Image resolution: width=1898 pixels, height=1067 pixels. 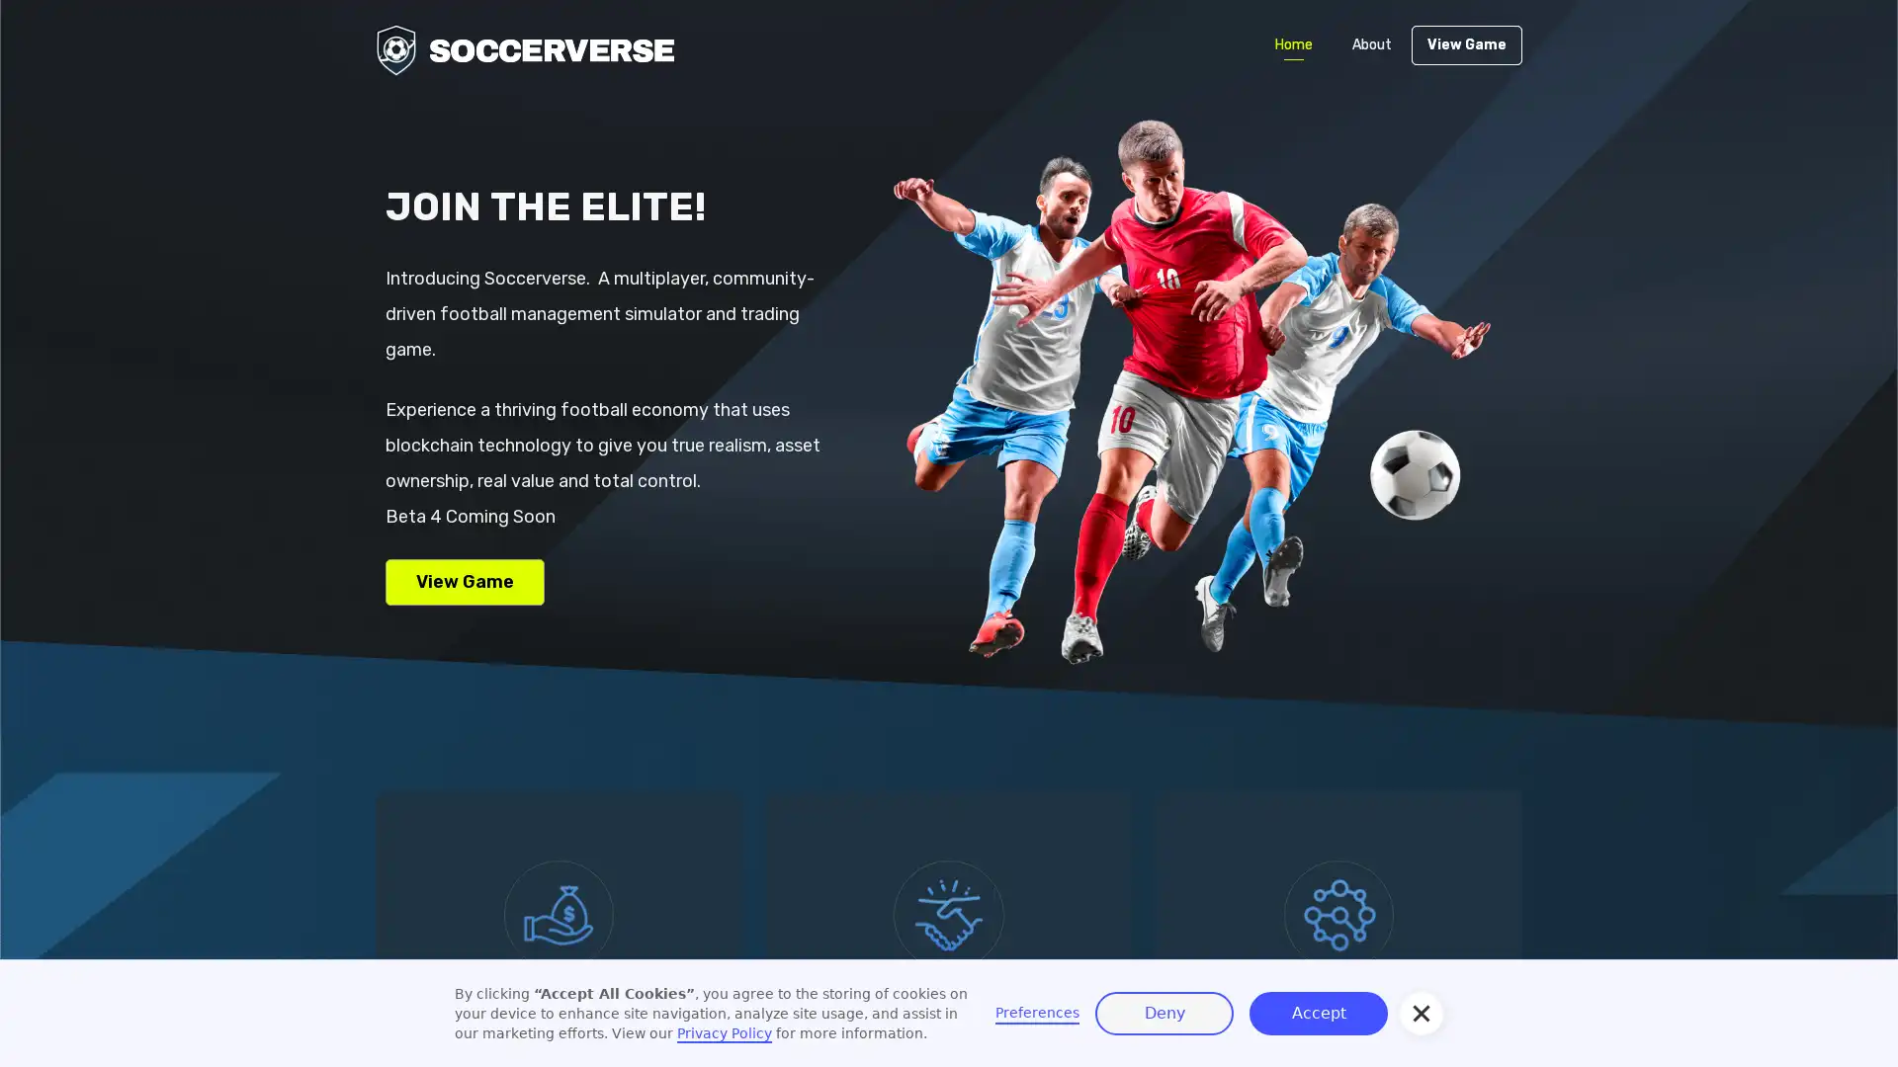 What do you see at coordinates (1036, 1014) in the screenshot?
I see `Preferences` at bounding box center [1036, 1014].